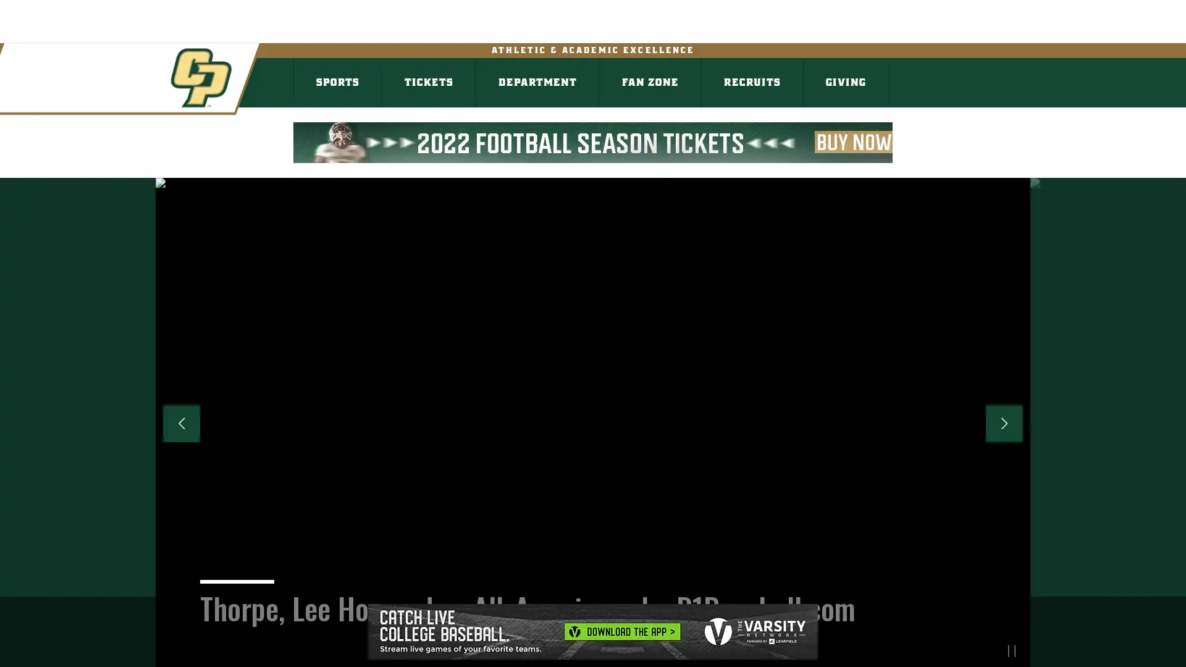 This screenshot has width=1186, height=667. Describe the element at coordinates (647, 650) in the screenshot. I see `Navigate to slide 6` at that location.